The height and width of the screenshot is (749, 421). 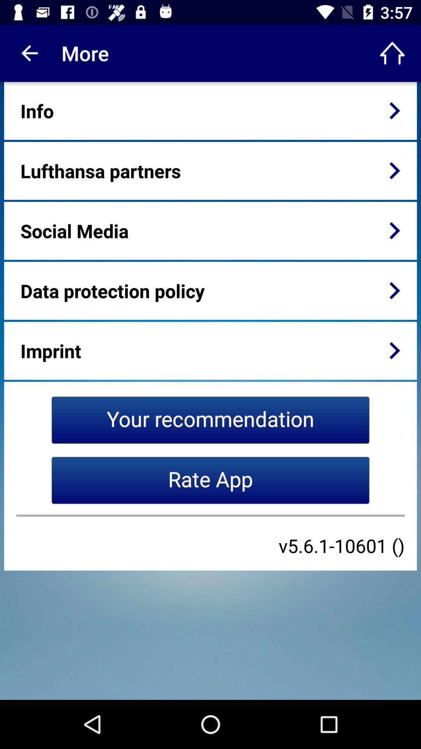 What do you see at coordinates (37, 110) in the screenshot?
I see `the item above the lufthansa partners` at bounding box center [37, 110].